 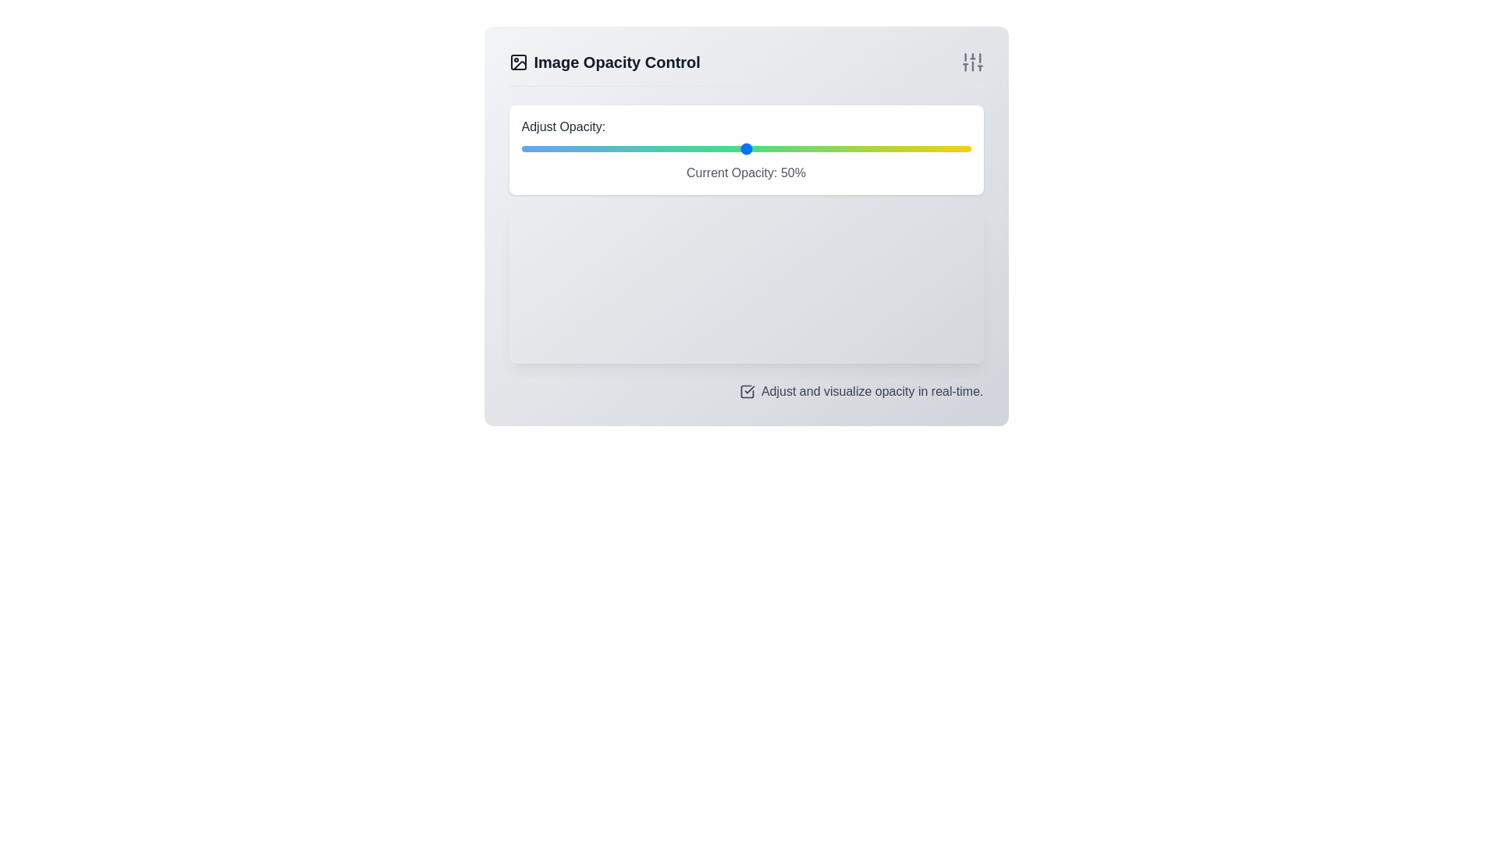 What do you see at coordinates (745, 149) in the screenshot?
I see `the opacity` at bounding box center [745, 149].